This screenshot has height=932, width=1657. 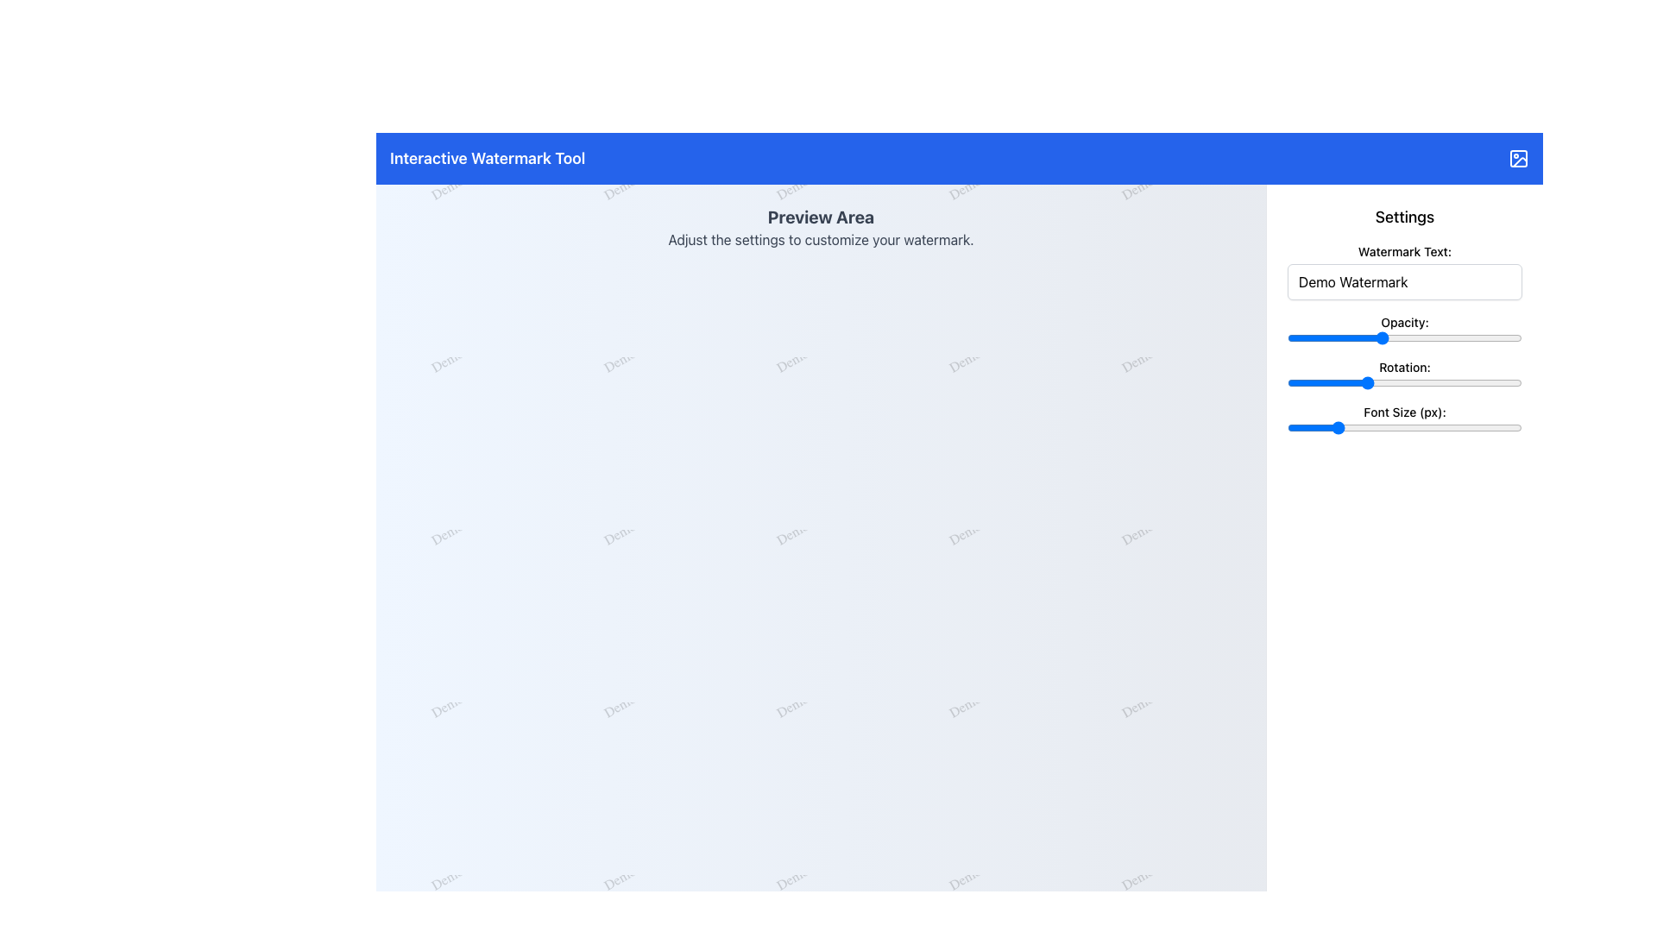 I want to click on the rotation value of the slider, so click(x=1486, y=381).